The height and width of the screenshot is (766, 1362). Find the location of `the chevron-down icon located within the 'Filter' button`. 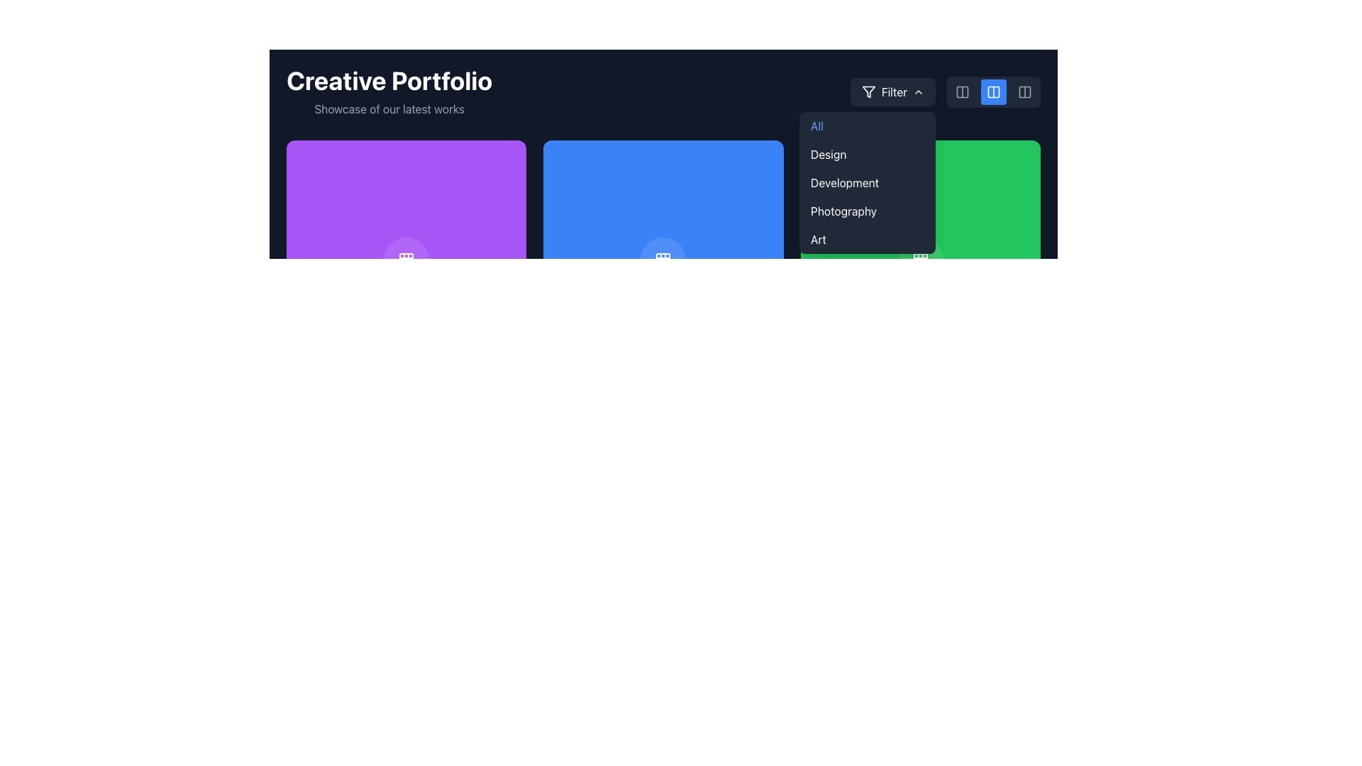

the chevron-down icon located within the 'Filter' button is located at coordinates (919, 92).